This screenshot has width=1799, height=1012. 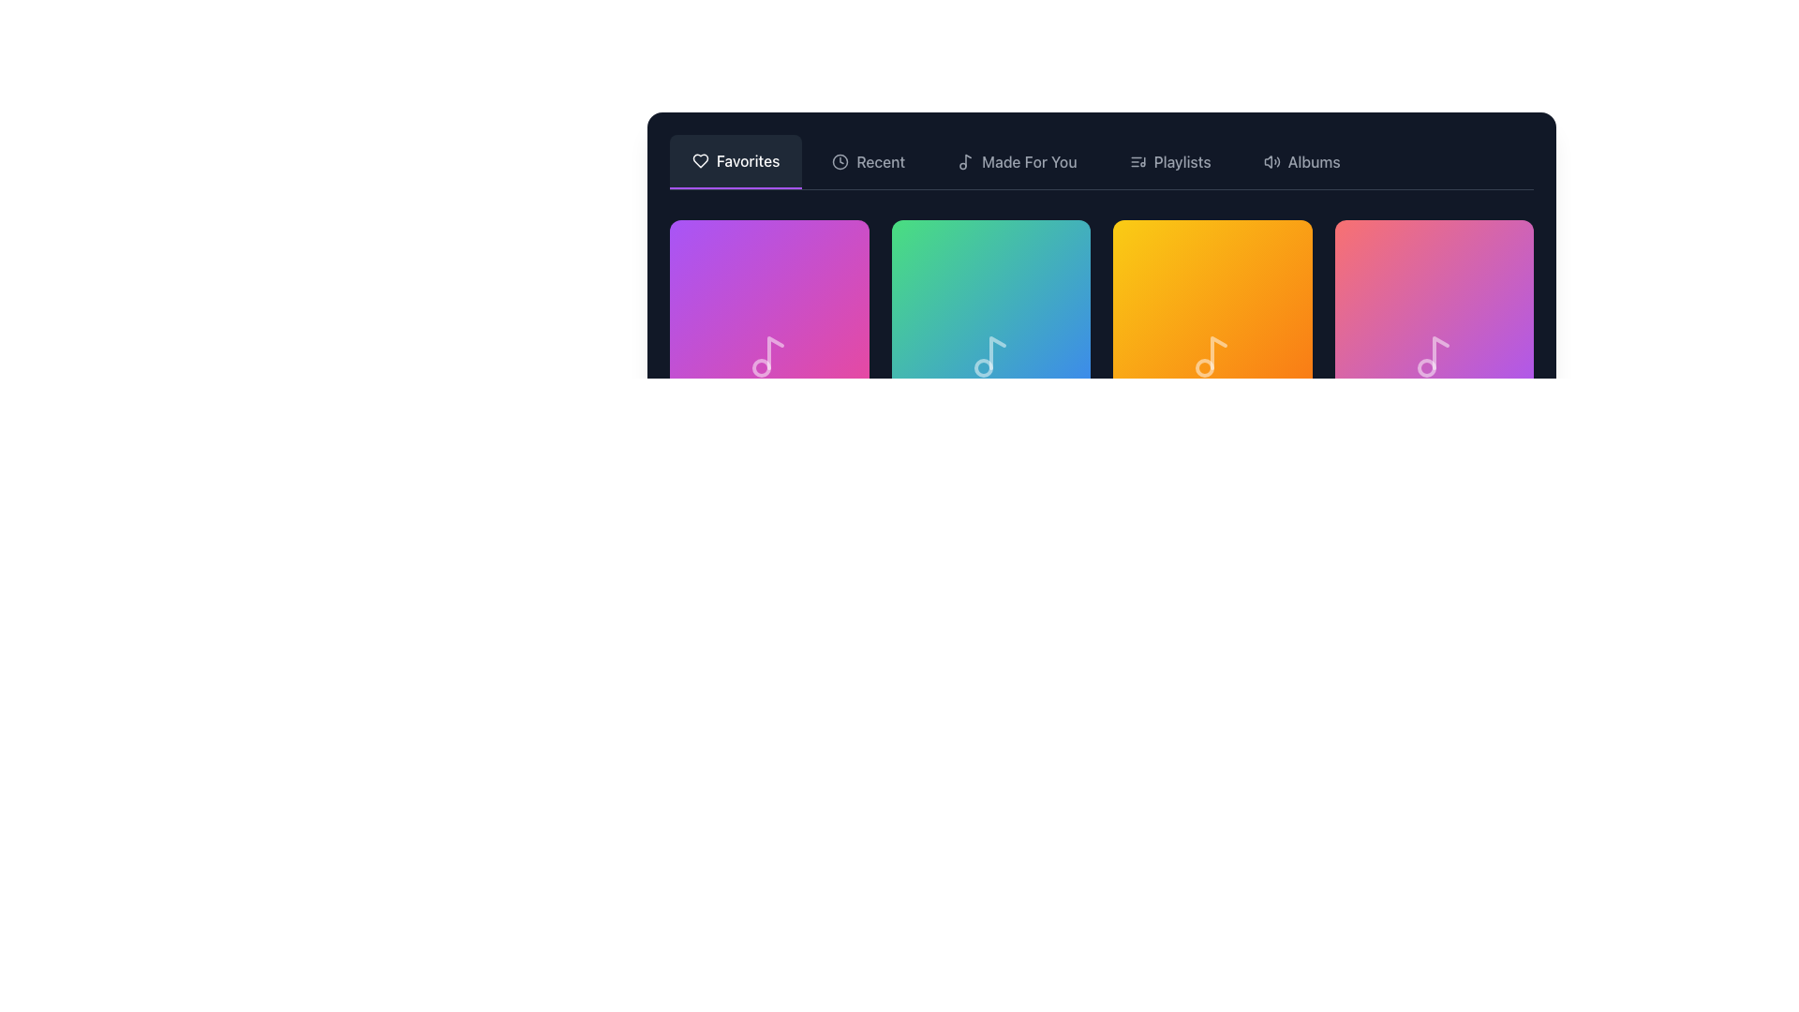 What do you see at coordinates (1313, 161) in the screenshot?
I see `text from the 'Albums' label located on the far-right of the navigation bar, which is on a dark background and is preceded by 'Playlists' and an audio icon` at bounding box center [1313, 161].